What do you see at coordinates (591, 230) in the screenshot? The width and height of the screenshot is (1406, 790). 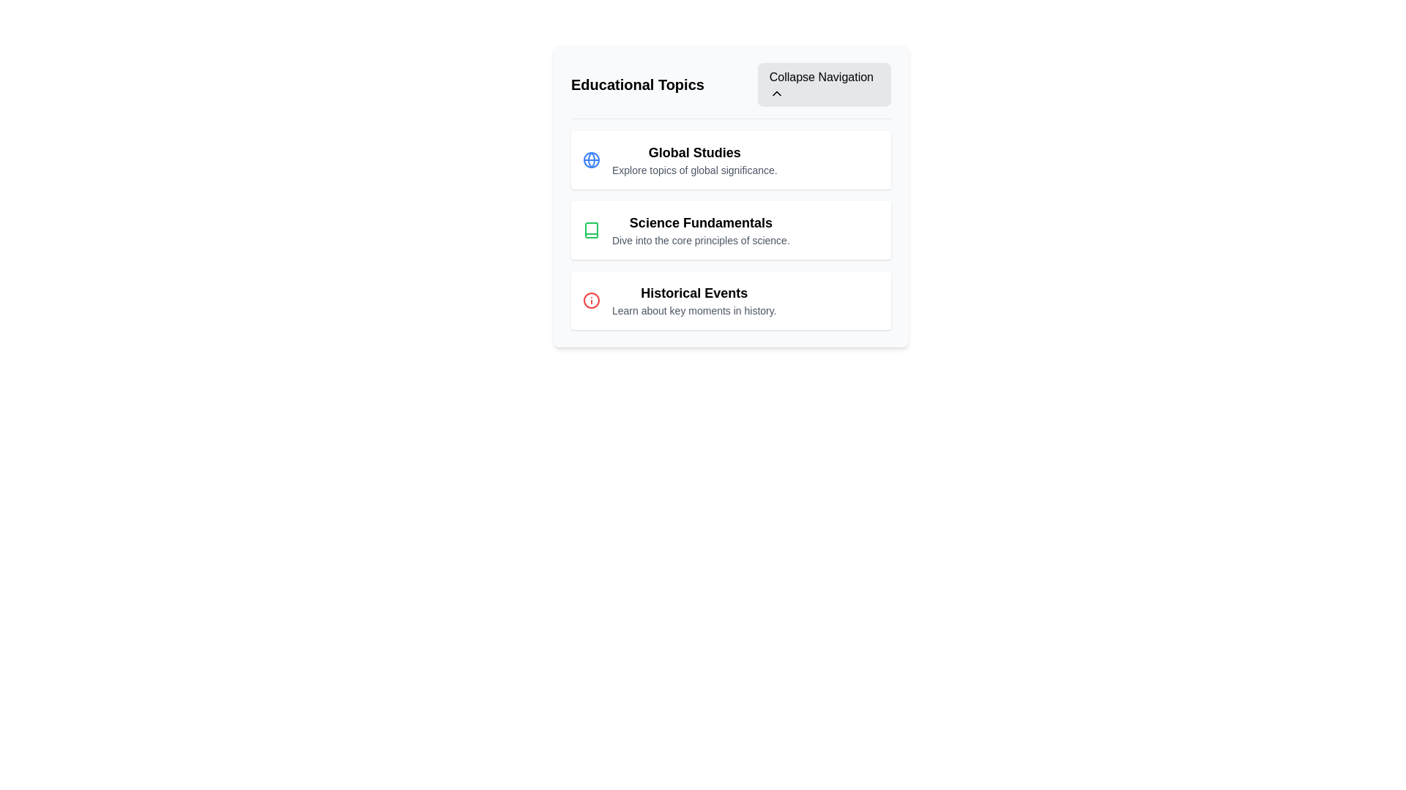 I see `the decorative icon representing the 'Science Fundamentals' topic located in the second row, leftmost side` at bounding box center [591, 230].